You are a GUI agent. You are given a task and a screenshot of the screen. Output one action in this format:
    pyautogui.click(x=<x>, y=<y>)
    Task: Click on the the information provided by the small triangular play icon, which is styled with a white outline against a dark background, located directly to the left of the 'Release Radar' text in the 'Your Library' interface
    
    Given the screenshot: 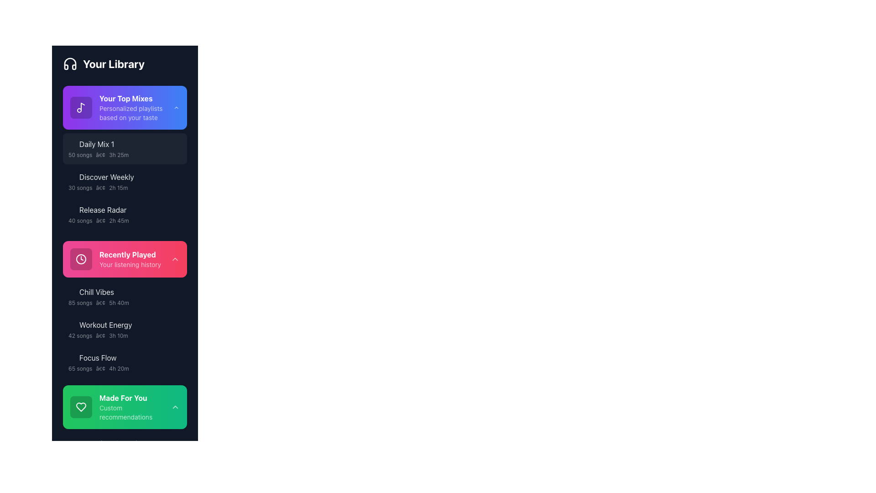 What is the action you would take?
    pyautogui.click(x=72, y=210)
    